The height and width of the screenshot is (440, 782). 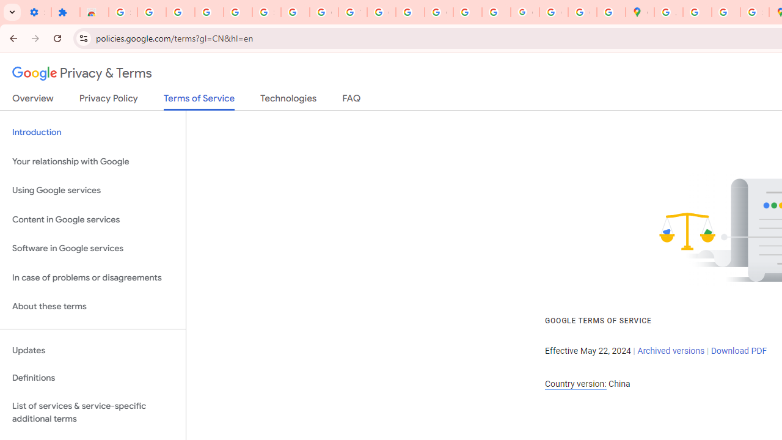 I want to click on 'Updates', so click(x=92, y=350).